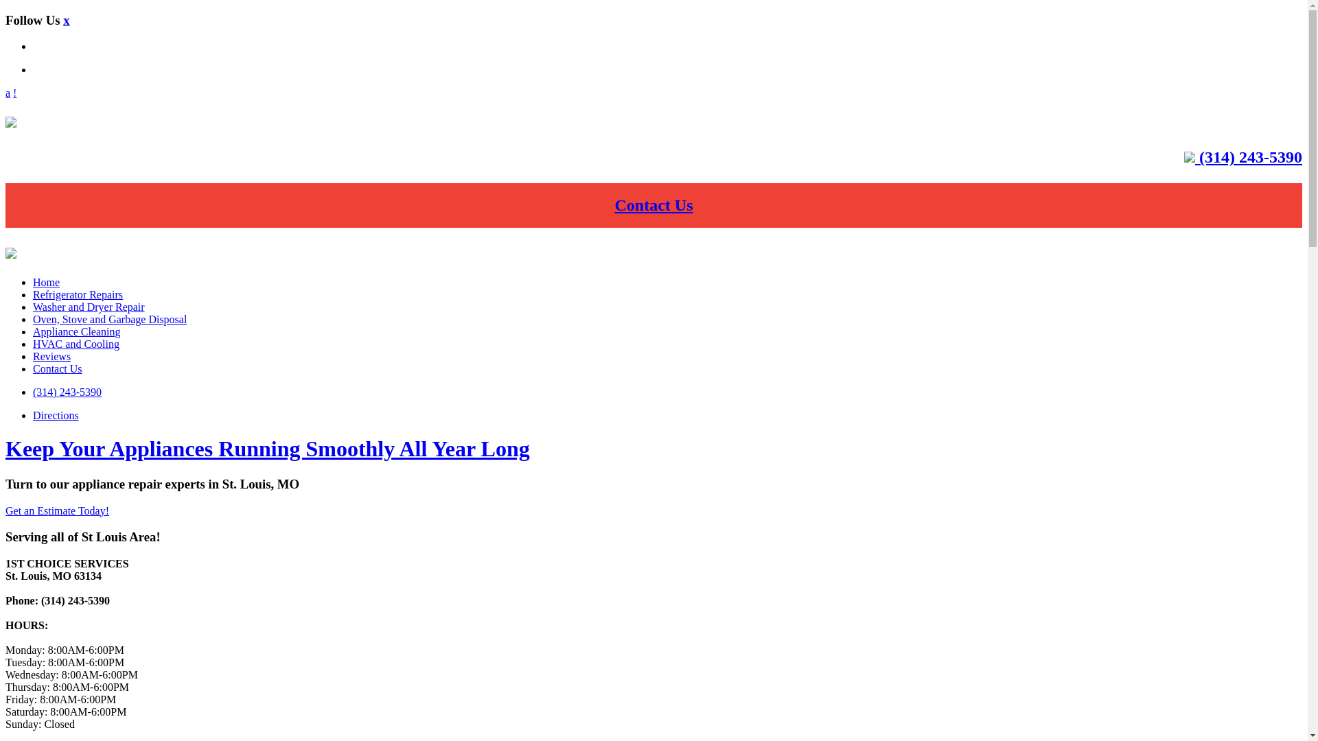 This screenshot has width=1318, height=741. I want to click on 'Appliance Cleaning', so click(76, 331).